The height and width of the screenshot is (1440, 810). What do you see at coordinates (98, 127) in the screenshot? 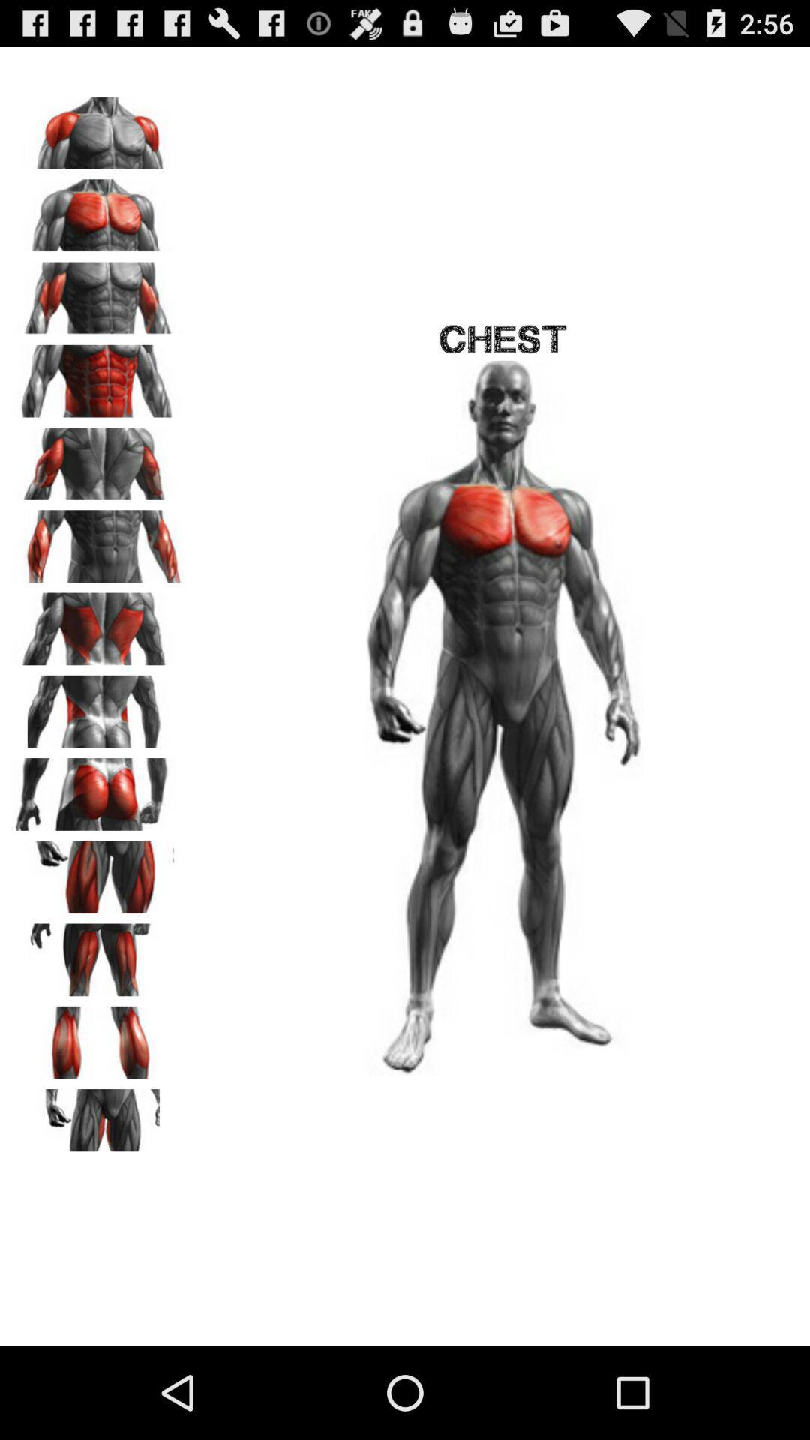
I see `focus on shoulders` at bounding box center [98, 127].